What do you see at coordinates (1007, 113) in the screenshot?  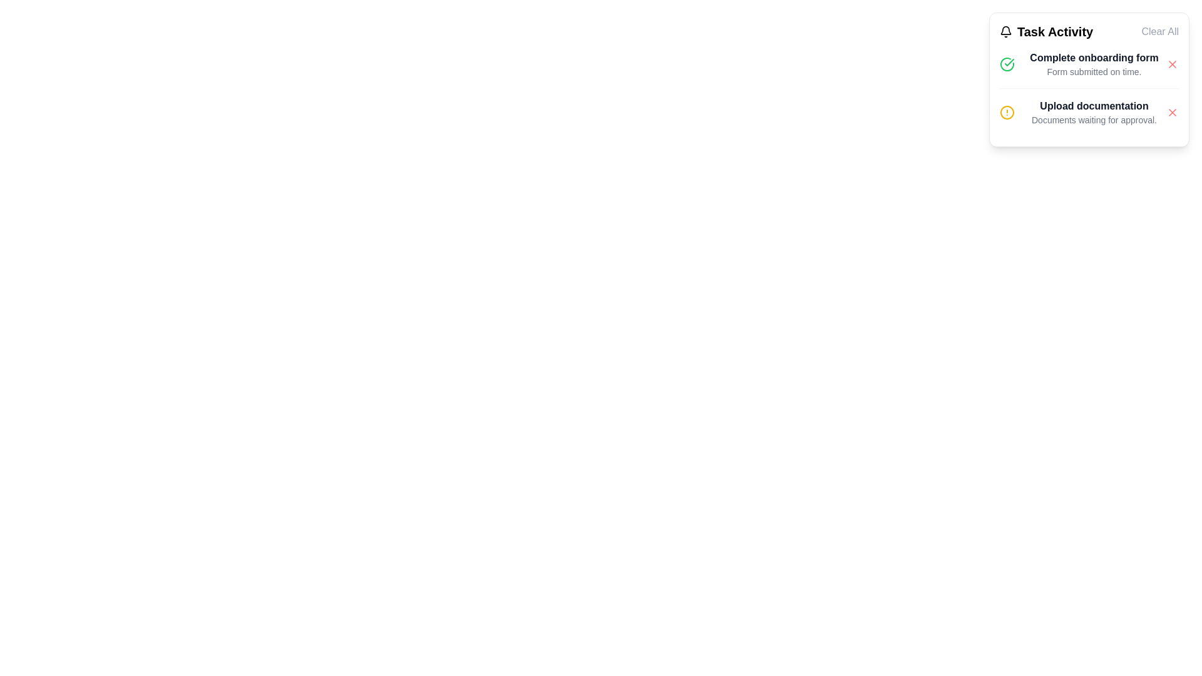 I see `the yellow circular SVG graphical element that indicates warning or alert messages, located next to the 'Upload documentation' text in the right-hand notification panel` at bounding box center [1007, 113].